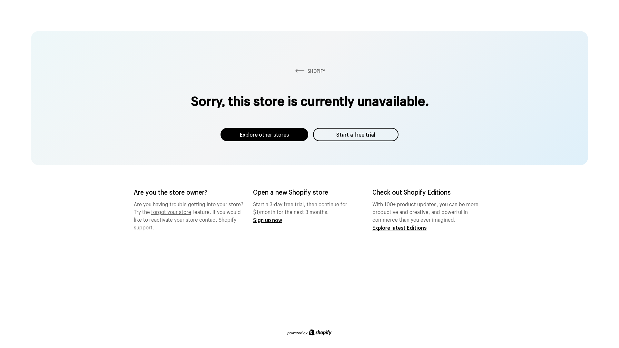  I want to click on 'Start a free trial', so click(355, 134).